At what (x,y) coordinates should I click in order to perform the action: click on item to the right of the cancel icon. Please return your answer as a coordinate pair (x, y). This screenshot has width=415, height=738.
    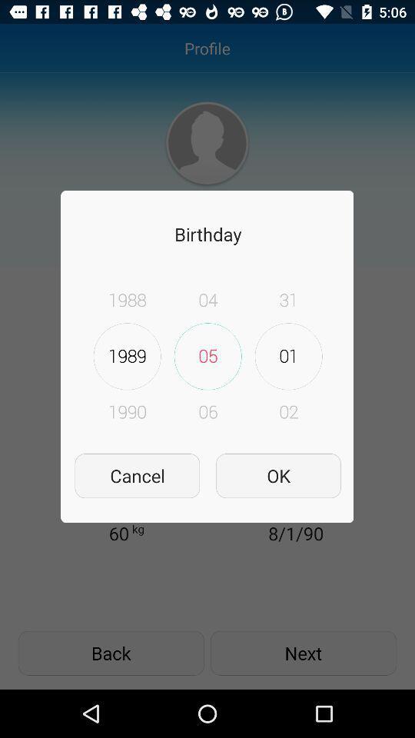
    Looking at the image, I should click on (277, 475).